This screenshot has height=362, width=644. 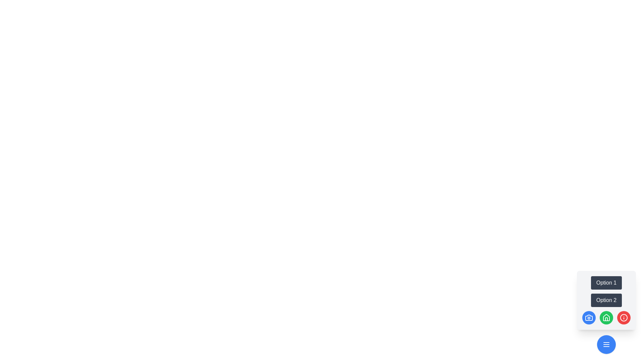 I want to click on the three-line horizontal icon within the circular blue button at the bottom-right corner of the interface, so click(x=606, y=345).